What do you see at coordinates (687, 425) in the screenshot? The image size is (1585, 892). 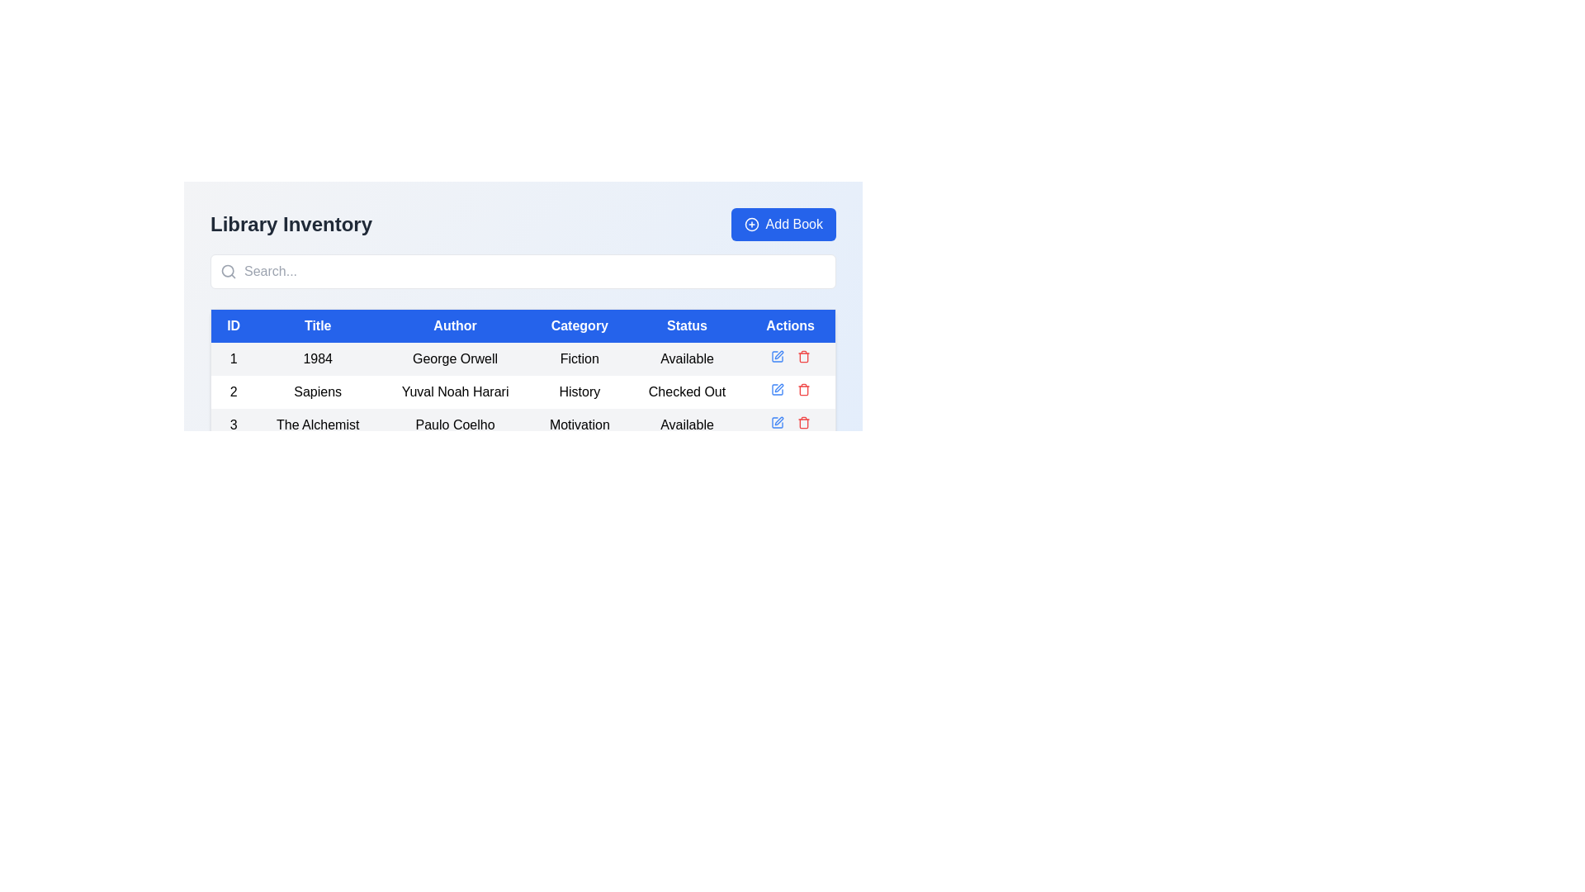 I see `the text label displaying 'Available' in black, located in the 'Status' column of the third row for the book 'The Alchemist' in the library inventory dashboard` at bounding box center [687, 425].